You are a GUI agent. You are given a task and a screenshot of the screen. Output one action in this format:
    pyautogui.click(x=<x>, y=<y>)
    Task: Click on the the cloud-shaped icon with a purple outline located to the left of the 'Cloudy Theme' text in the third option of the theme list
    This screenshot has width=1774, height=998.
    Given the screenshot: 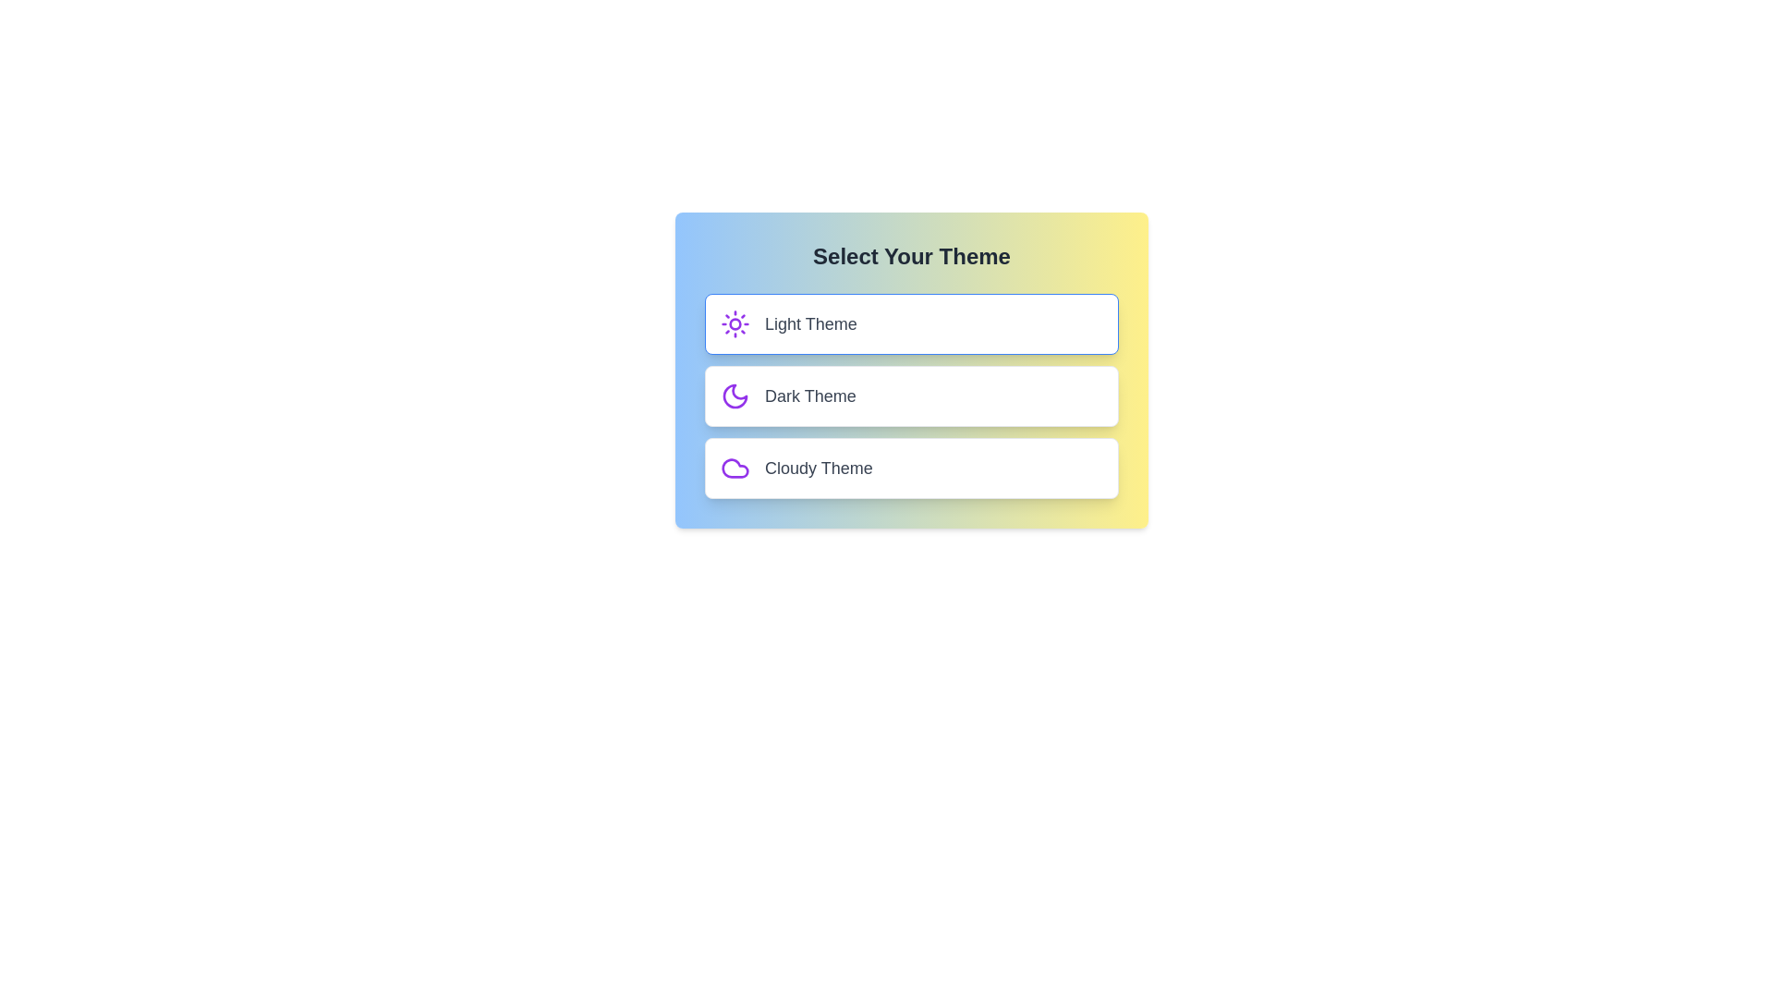 What is the action you would take?
    pyautogui.click(x=735, y=467)
    